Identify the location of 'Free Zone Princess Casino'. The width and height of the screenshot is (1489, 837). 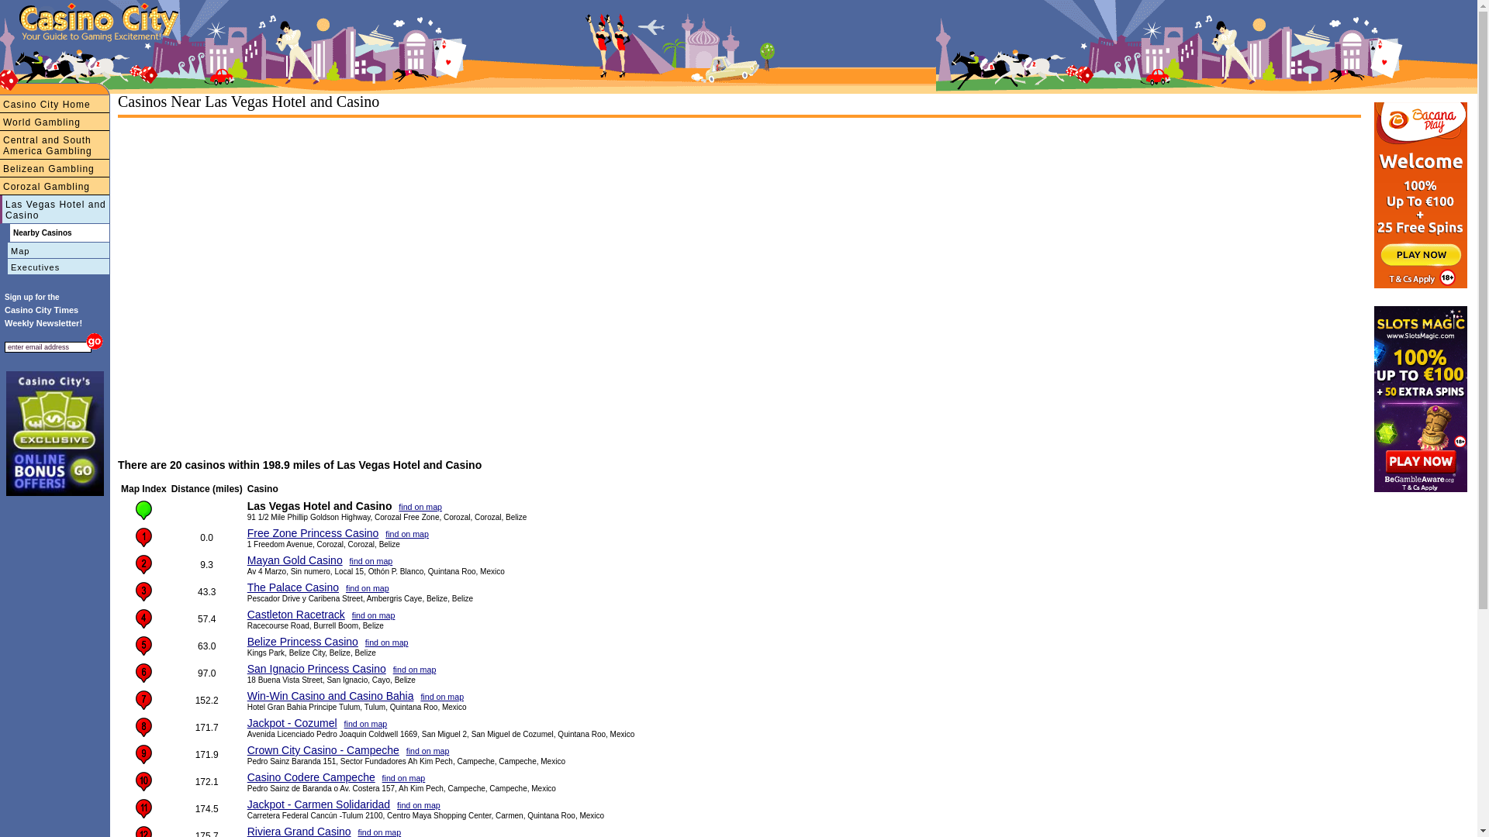
(246, 532).